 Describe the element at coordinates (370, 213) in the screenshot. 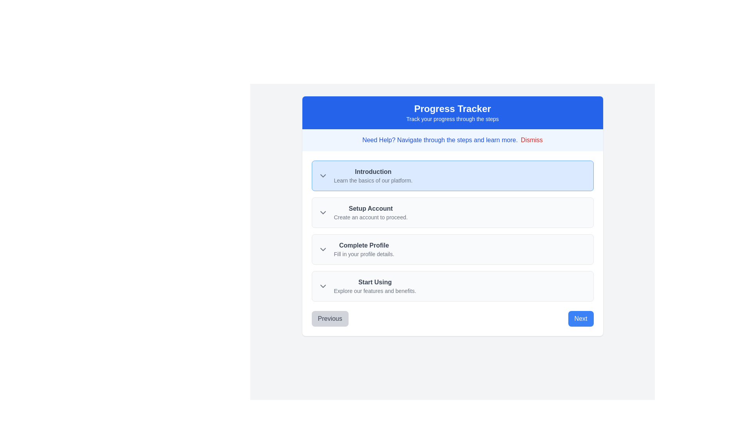

I see `text element titled 'Setup Account' which contains the description 'Create an account to proceed.' located in the progress tracker interface` at that location.